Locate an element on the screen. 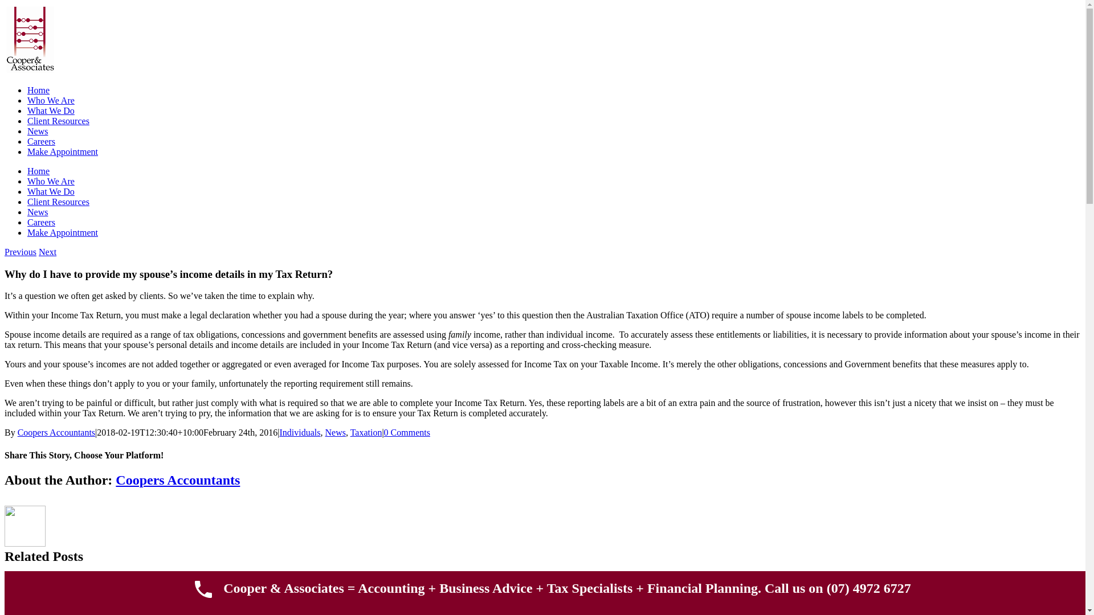 This screenshot has height=615, width=1094. 'Taxation' is located at coordinates (366, 432).